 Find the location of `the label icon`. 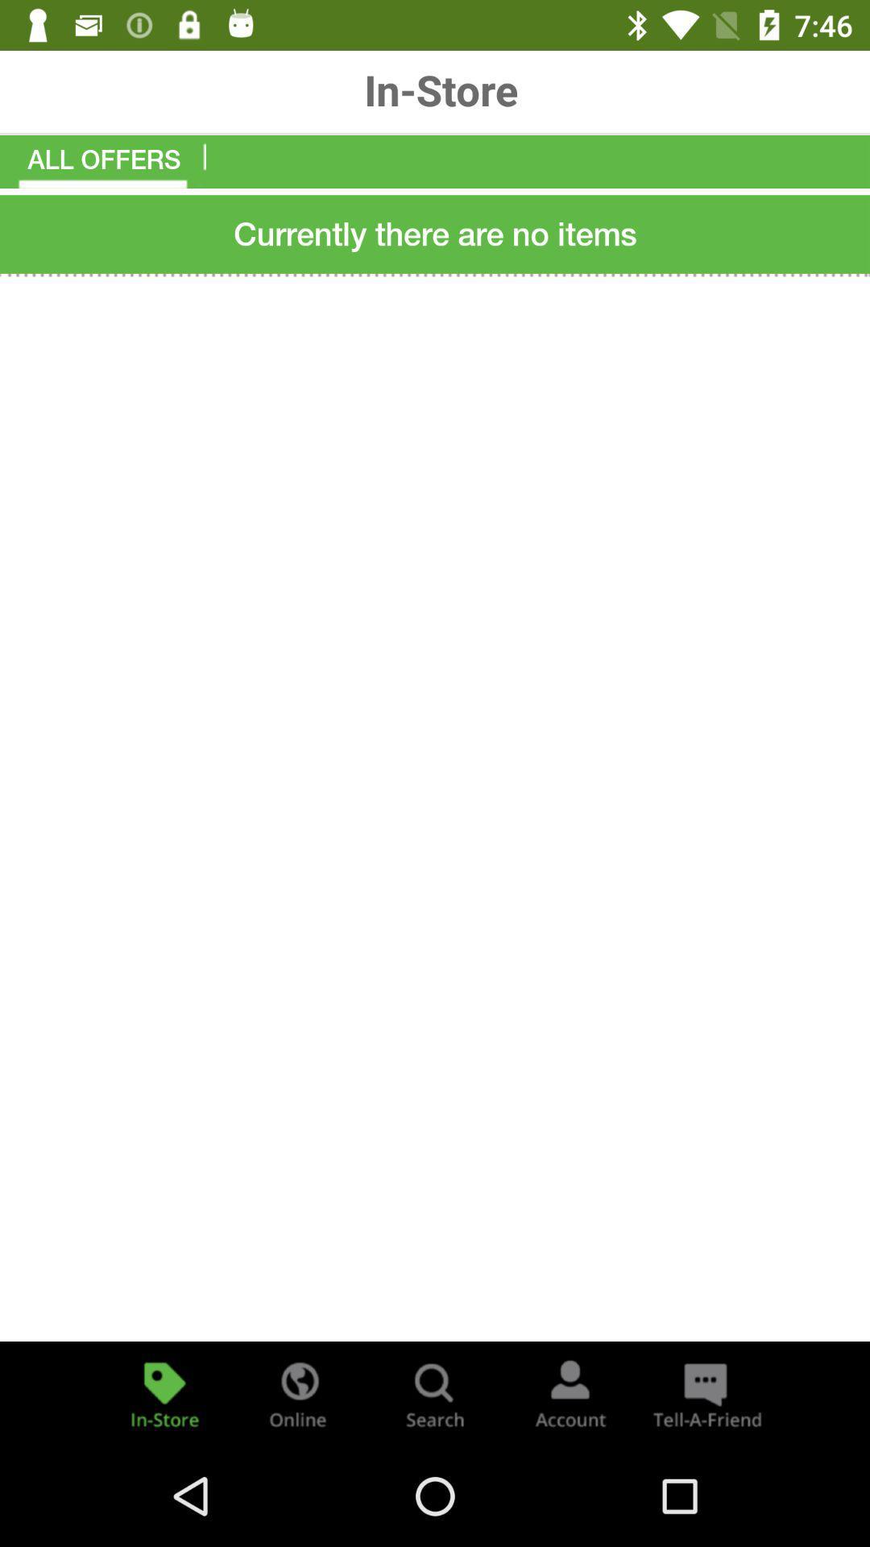

the label icon is located at coordinates (164, 1392).